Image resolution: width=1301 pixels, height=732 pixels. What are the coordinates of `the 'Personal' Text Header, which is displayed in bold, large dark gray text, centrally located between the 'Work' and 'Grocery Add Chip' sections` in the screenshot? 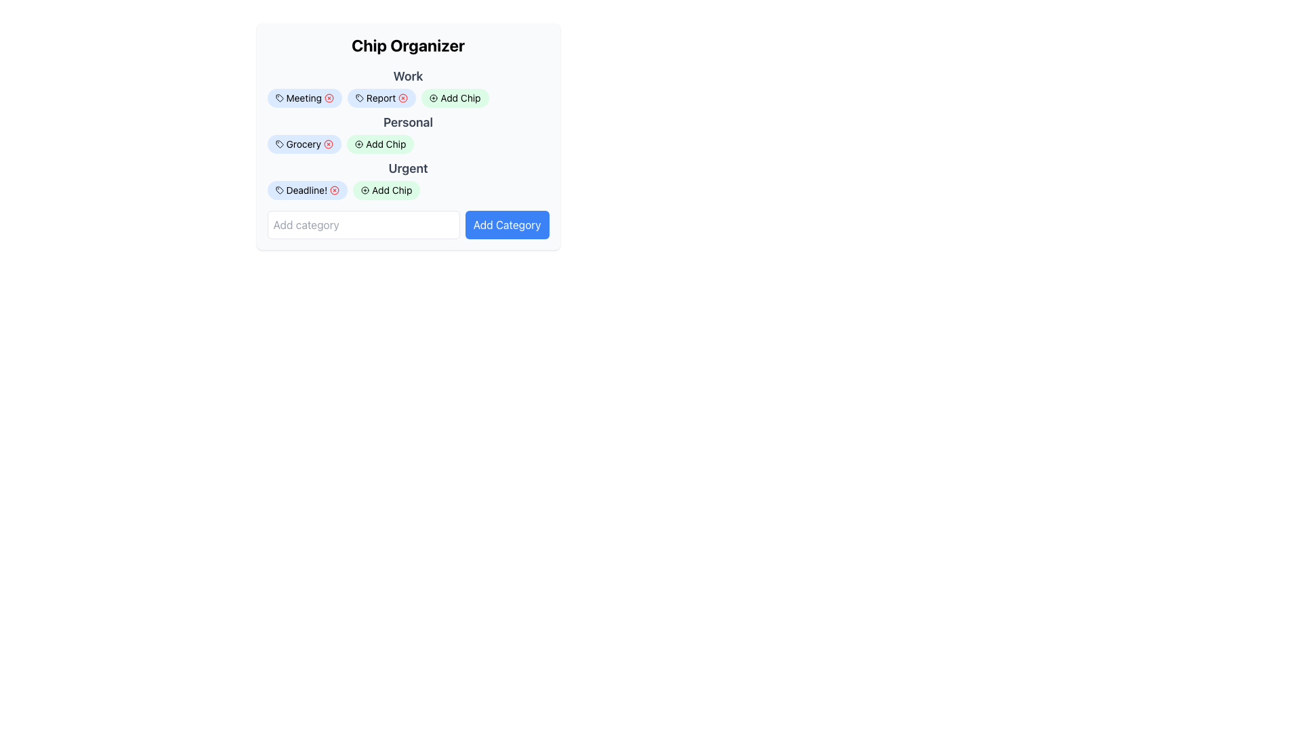 It's located at (407, 123).